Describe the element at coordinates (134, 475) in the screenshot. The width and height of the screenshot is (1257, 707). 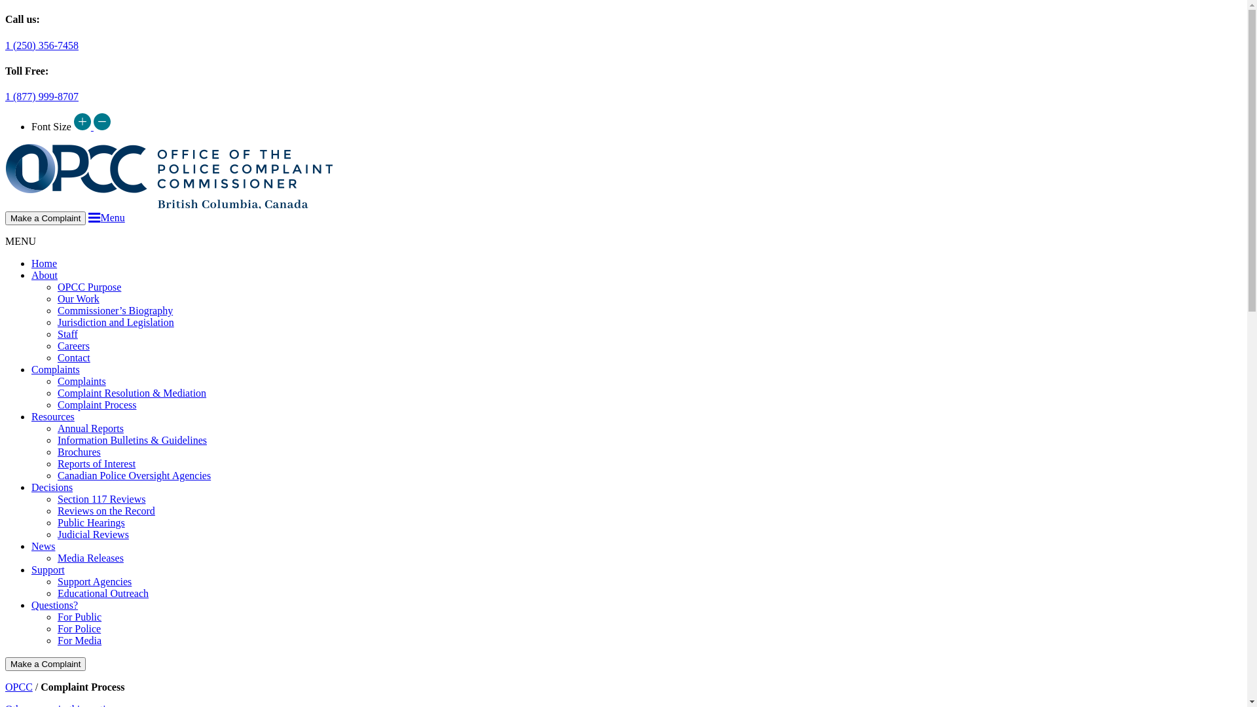
I see `'Canadian Police Oversight Agencies'` at that location.